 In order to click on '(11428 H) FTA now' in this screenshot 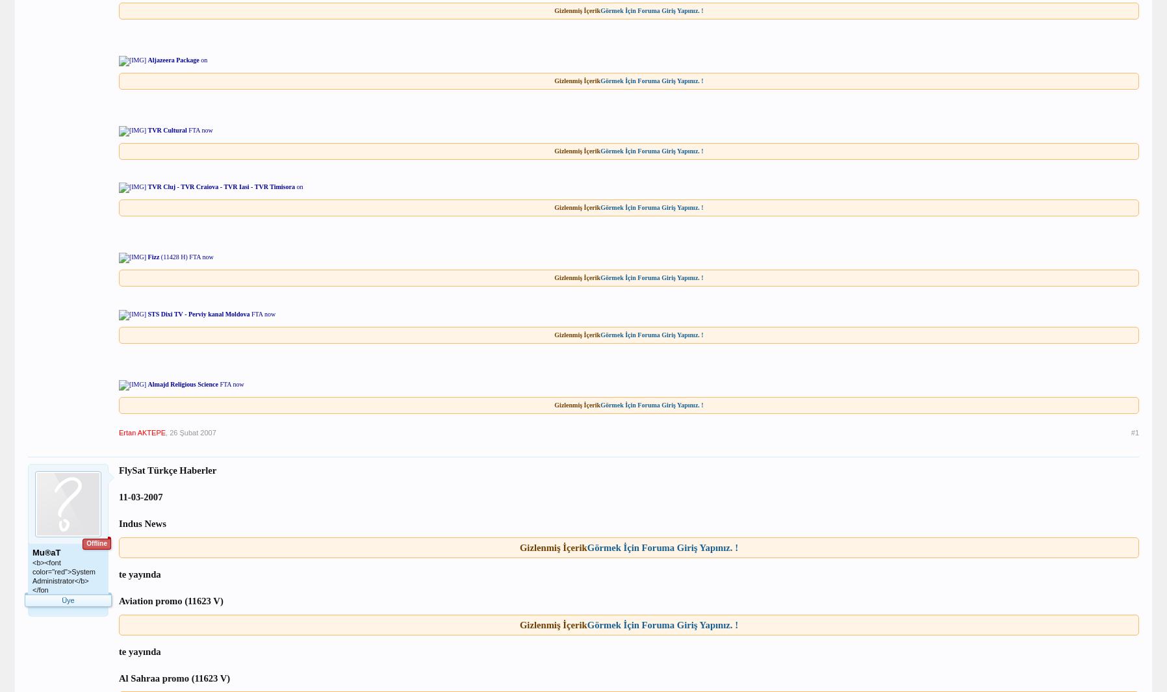, I will do `click(186, 256)`.